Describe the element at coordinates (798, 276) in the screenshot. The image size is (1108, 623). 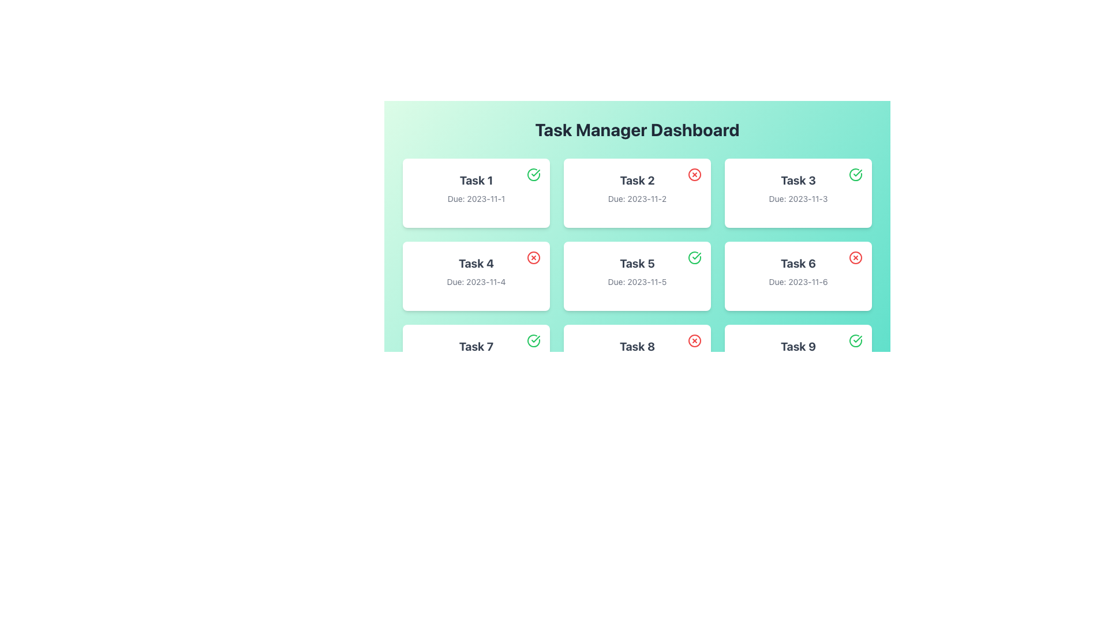
I see `the task card located in the second row and third column of the grid layout` at that location.